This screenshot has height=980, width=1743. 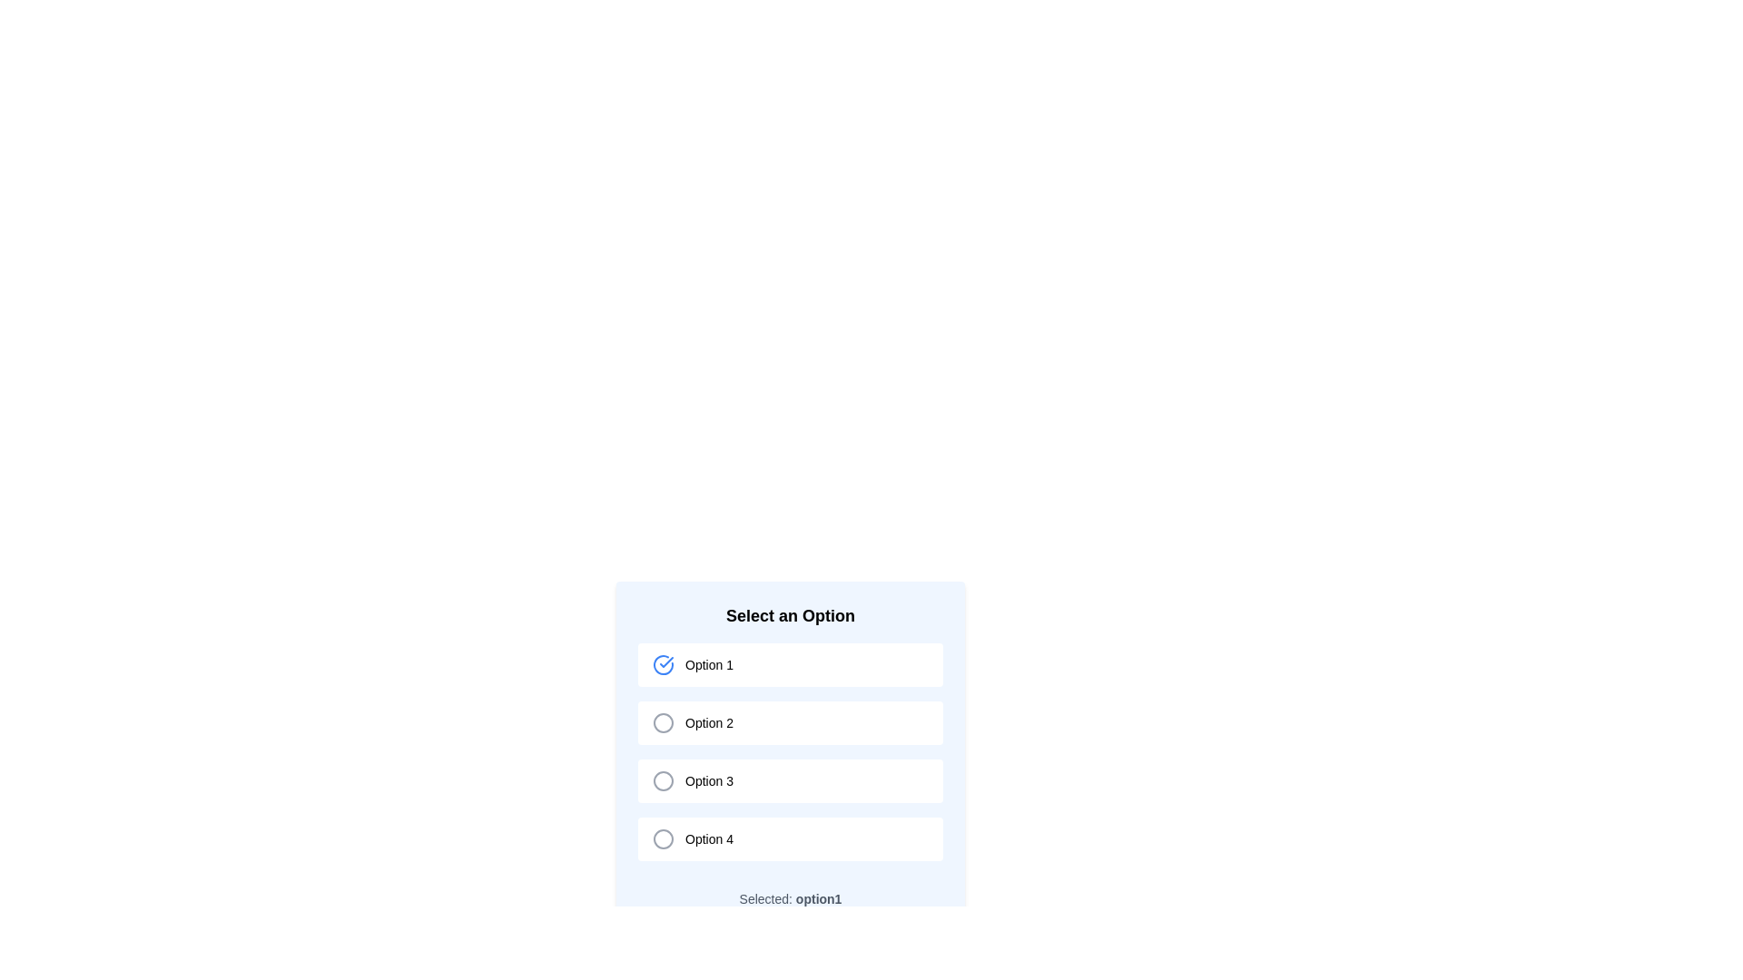 I want to click on the static text element displaying 'option1', which is part of the line 'Selected: option1' at the bottom of a light blue panel, so click(x=818, y=899).